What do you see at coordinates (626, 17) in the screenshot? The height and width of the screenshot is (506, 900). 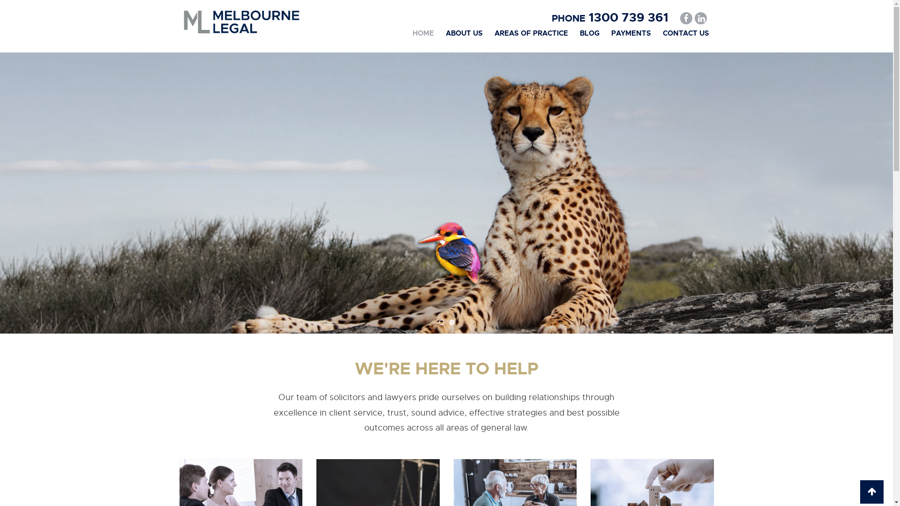 I see `'1300 739 361'` at bounding box center [626, 17].